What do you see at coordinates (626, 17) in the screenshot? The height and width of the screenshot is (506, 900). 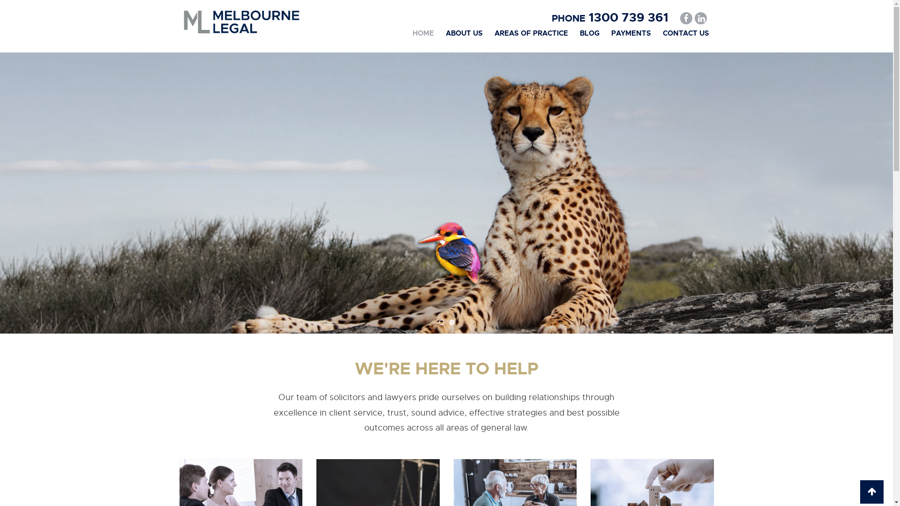 I see `'1300 739 361'` at bounding box center [626, 17].